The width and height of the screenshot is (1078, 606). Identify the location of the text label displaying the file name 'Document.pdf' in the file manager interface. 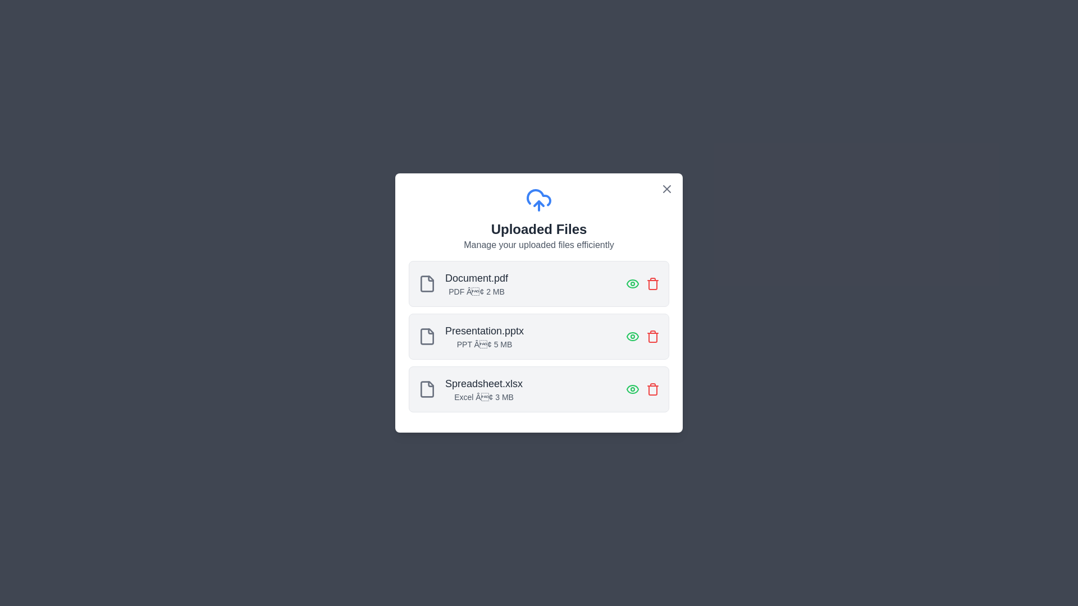
(477, 278).